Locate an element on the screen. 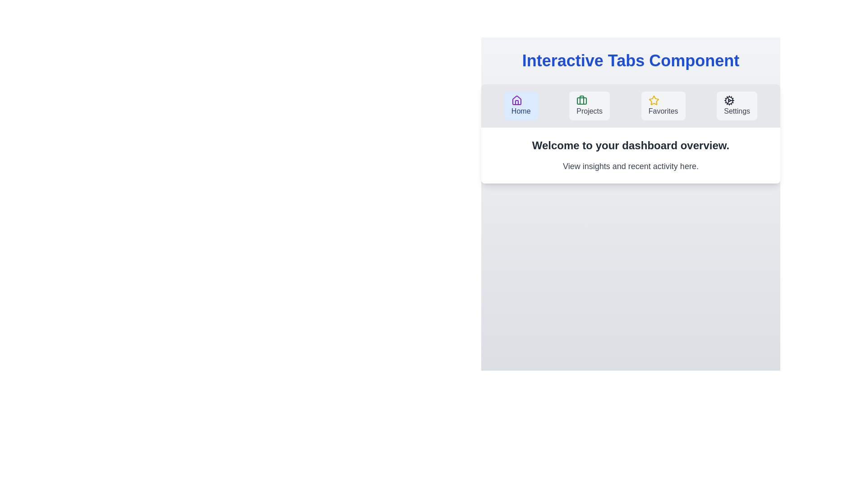  the Projects tab by clicking on its button is located at coordinates (589, 106).